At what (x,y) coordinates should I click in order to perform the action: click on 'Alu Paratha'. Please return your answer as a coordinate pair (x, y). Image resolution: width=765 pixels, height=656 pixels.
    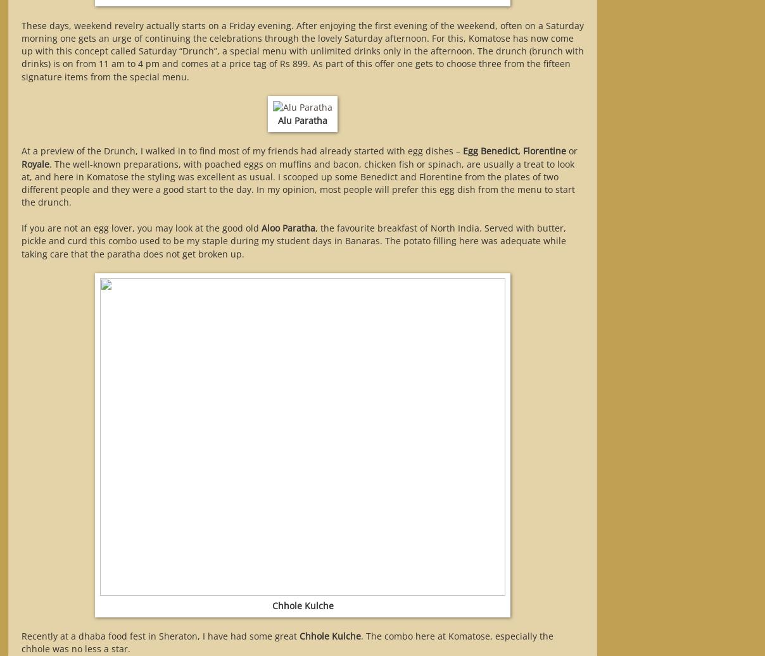
    Looking at the image, I should click on (303, 119).